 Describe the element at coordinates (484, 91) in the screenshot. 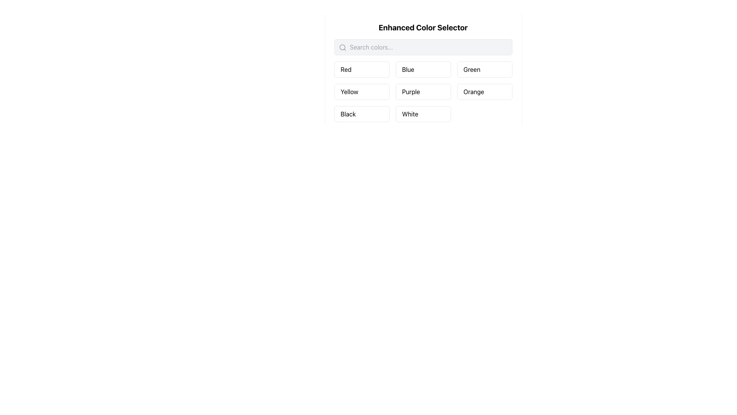

I see `the sixth button in the grid layout` at that location.